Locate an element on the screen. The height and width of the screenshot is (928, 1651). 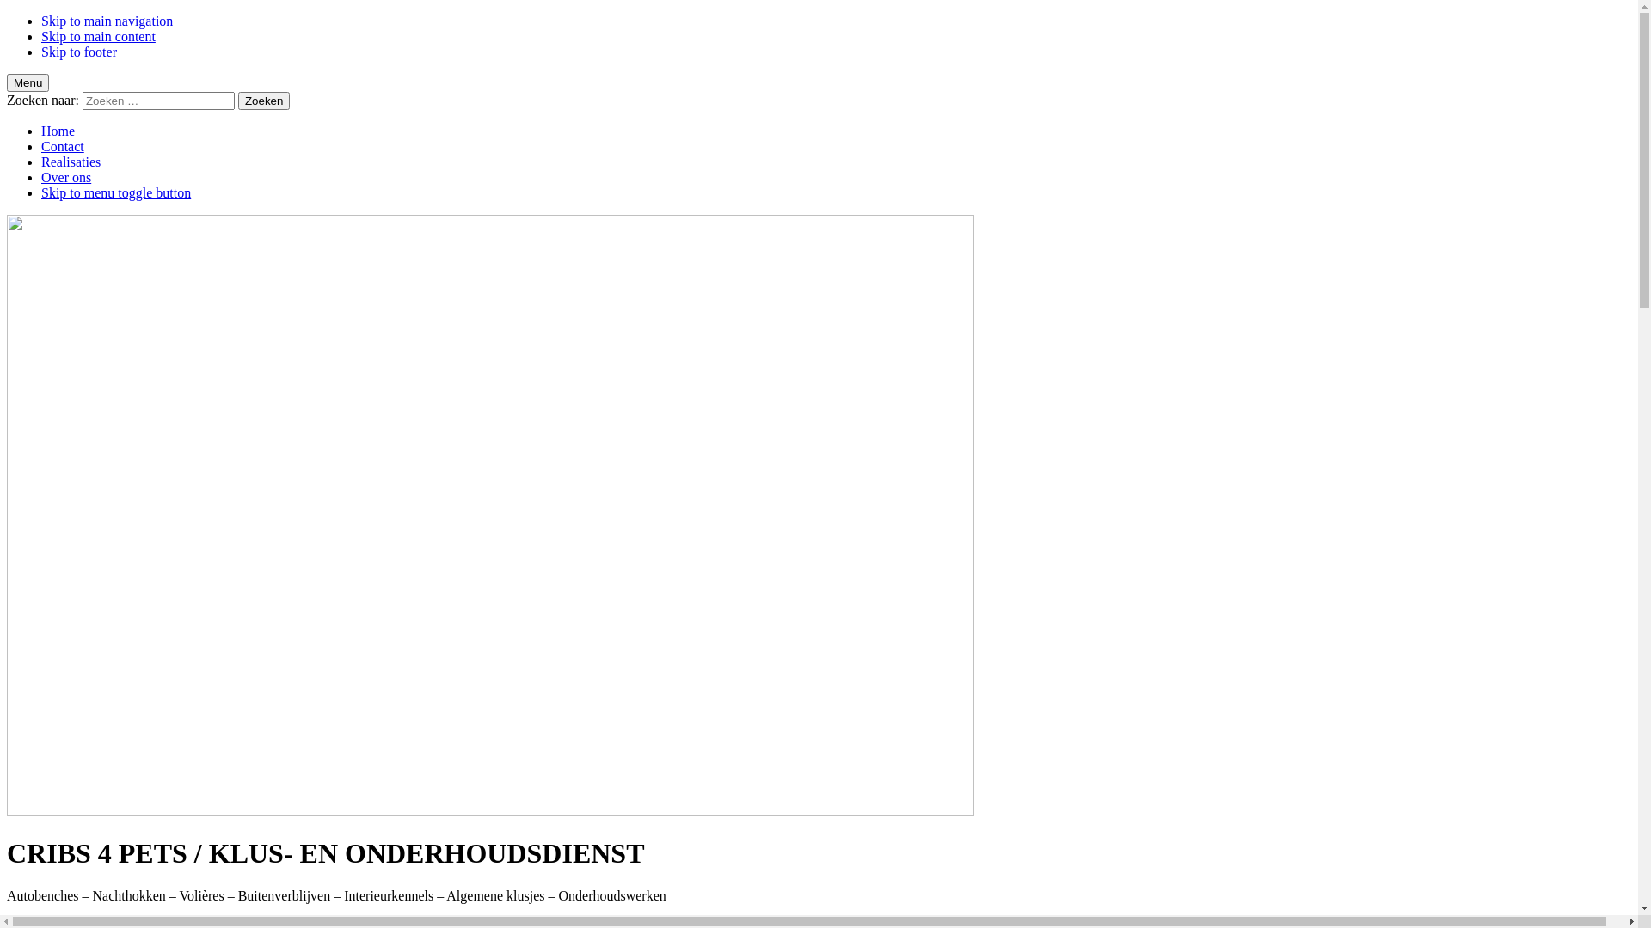
'Over ons' is located at coordinates (65, 177).